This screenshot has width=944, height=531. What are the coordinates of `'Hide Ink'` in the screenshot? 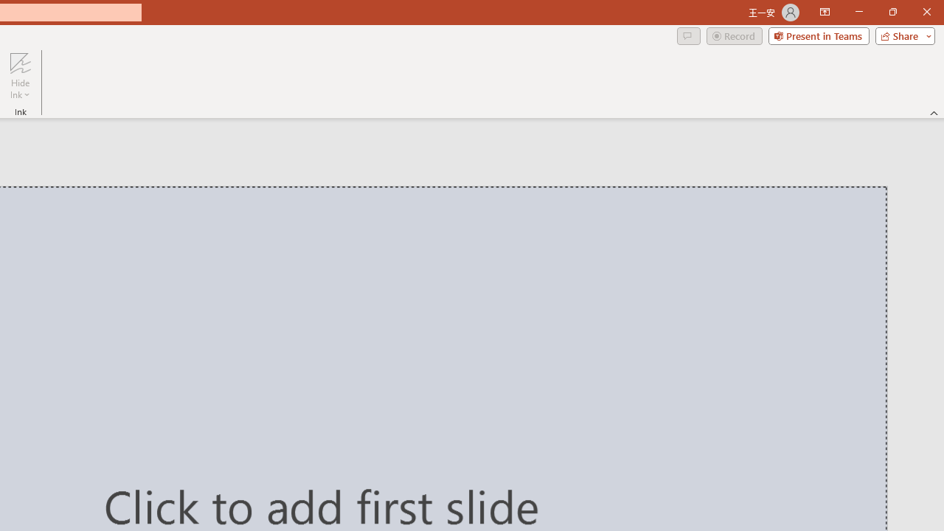 It's located at (20, 76).